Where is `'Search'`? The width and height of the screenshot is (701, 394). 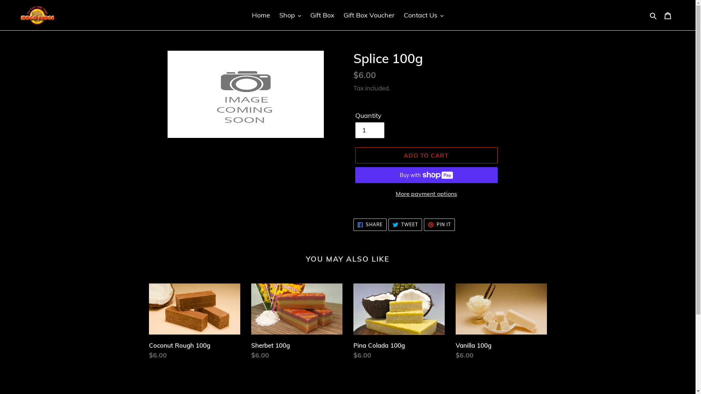 'Search' is located at coordinates (654, 15).